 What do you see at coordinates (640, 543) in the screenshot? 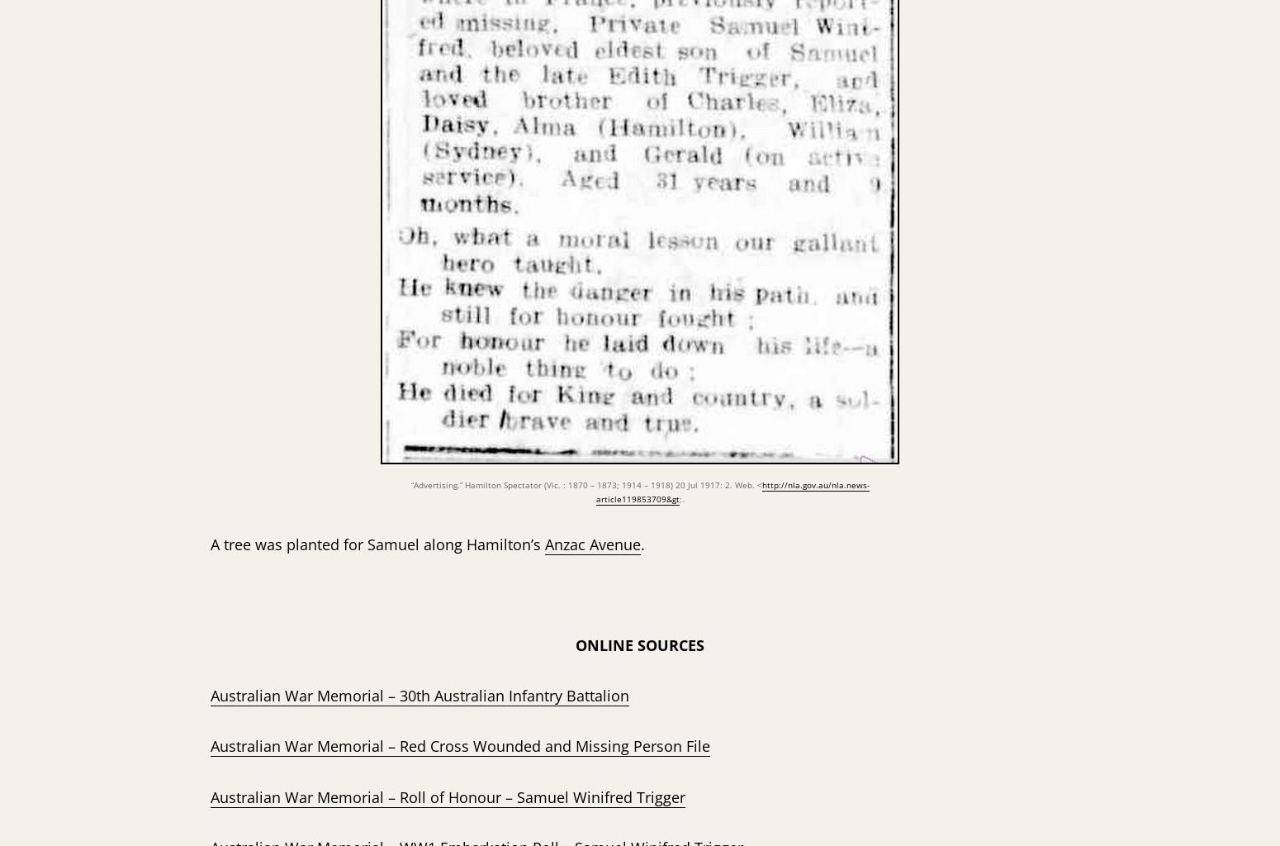
I see `'.'` at bounding box center [640, 543].